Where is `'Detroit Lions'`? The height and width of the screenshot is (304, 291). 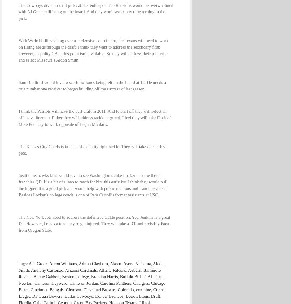 'Detroit Lions' is located at coordinates (137, 296).